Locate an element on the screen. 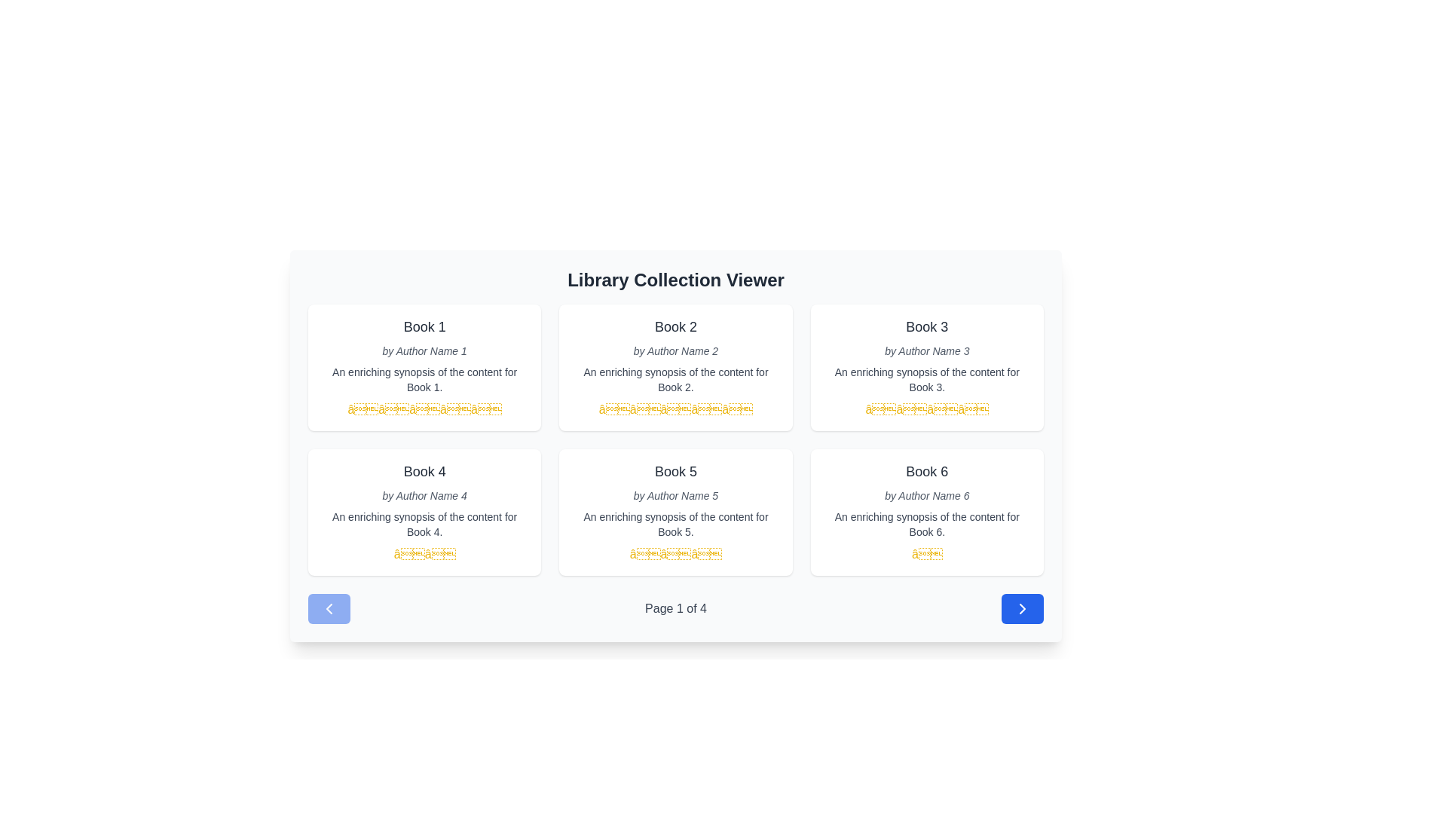 The height and width of the screenshot is (814, 1447). the filled yellow star icon in the second book display card of the Library Collection Viewer interface, which is the second star in the five-star rating system is located at coordinates (645, 409).